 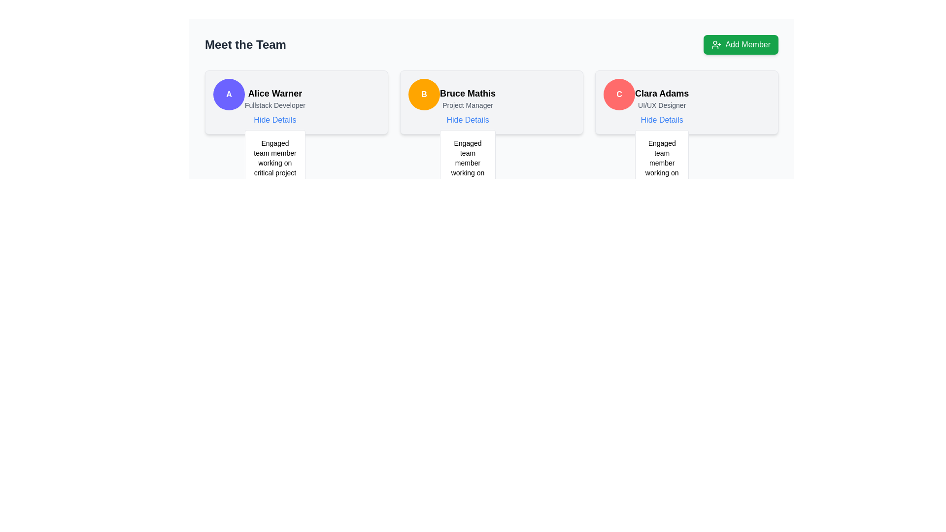 I want to click on the 'Hide Details' hyperlink located beneath the 'Project Manager' title in the 'Bruce Mathis' member card, so click(x=467, y=119).